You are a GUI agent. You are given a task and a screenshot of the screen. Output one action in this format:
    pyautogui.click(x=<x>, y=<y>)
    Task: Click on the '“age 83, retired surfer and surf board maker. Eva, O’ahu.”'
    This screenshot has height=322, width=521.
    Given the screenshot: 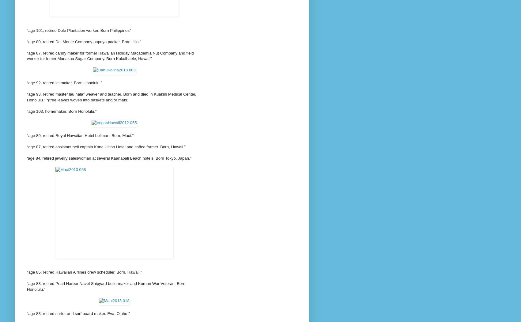 What is the action you would take?
    pyautogui.click(x=78, y=313)
    